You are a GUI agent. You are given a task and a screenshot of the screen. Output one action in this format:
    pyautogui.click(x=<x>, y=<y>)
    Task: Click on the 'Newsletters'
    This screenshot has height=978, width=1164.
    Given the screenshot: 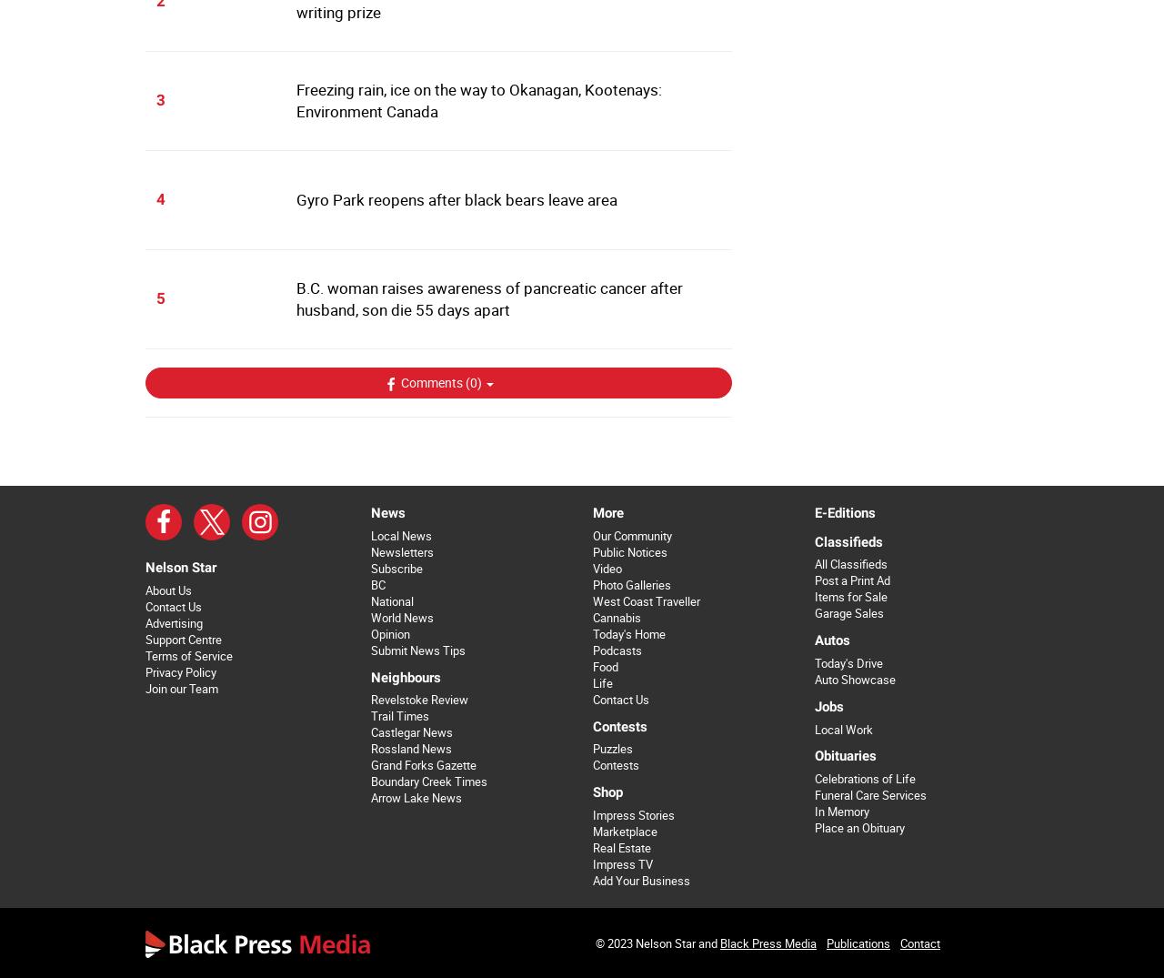 What is the action you would take?
    pyautogui.click(x=400, y=550)
    